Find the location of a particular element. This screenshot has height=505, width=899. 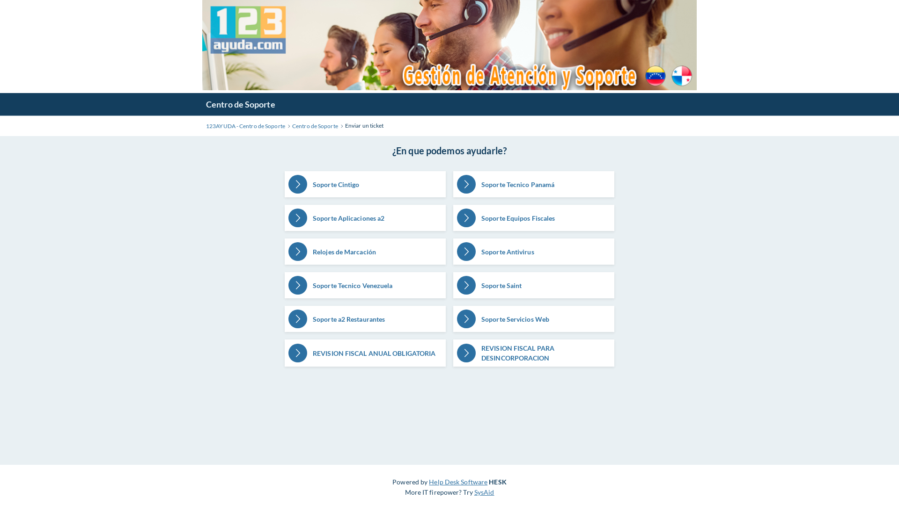

'REVISION FISCAL PARA DESINCORPORACION' is located at coordinates (534, 353).